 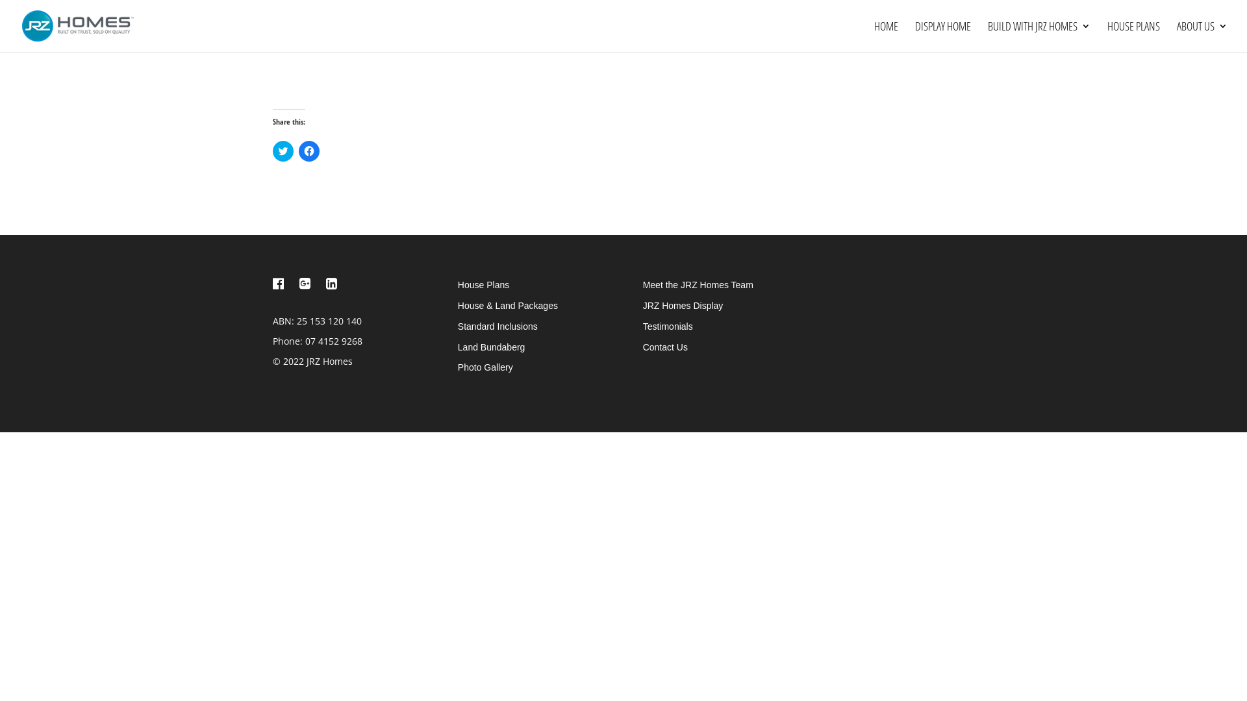 I want to click on 'HOME', so click(x=885, y=36).